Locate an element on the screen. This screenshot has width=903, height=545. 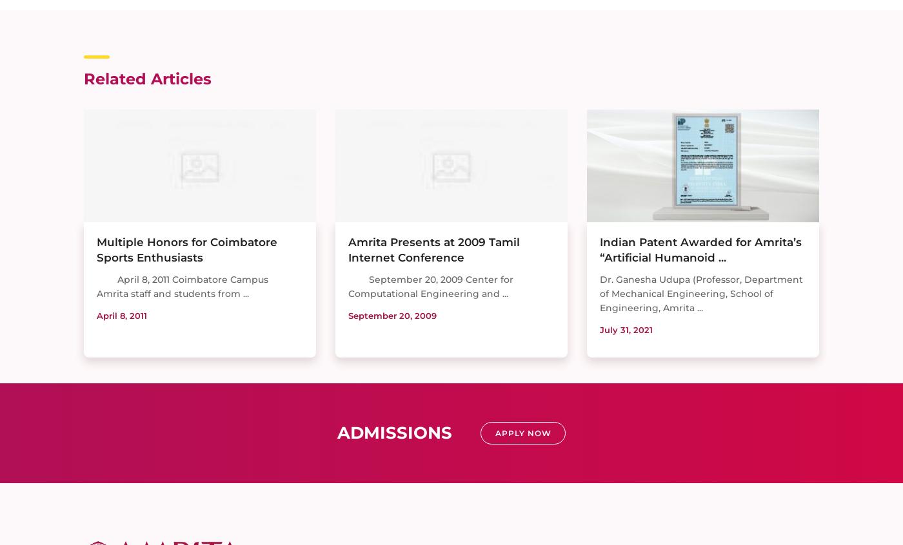
'Dr. Ganesha Udupa (Professor, Department of Mechanical Engineering, School of Engineering, Amrita ...' is located at coordinates (701, 292).